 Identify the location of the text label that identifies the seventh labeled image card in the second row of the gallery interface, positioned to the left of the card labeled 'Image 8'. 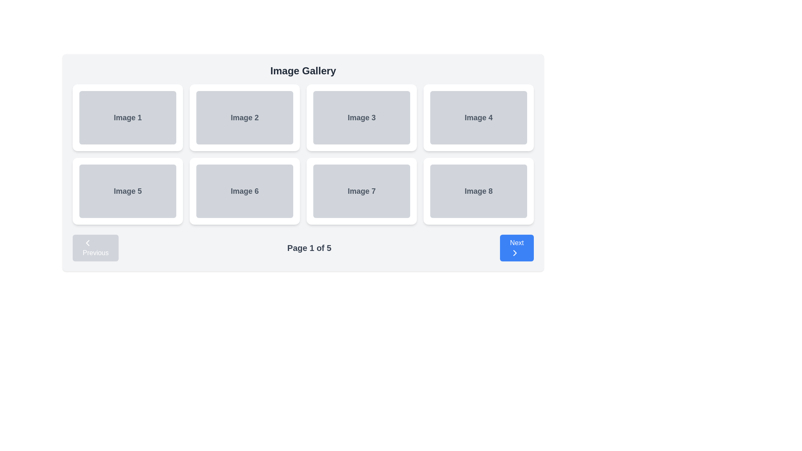
(361, 191).